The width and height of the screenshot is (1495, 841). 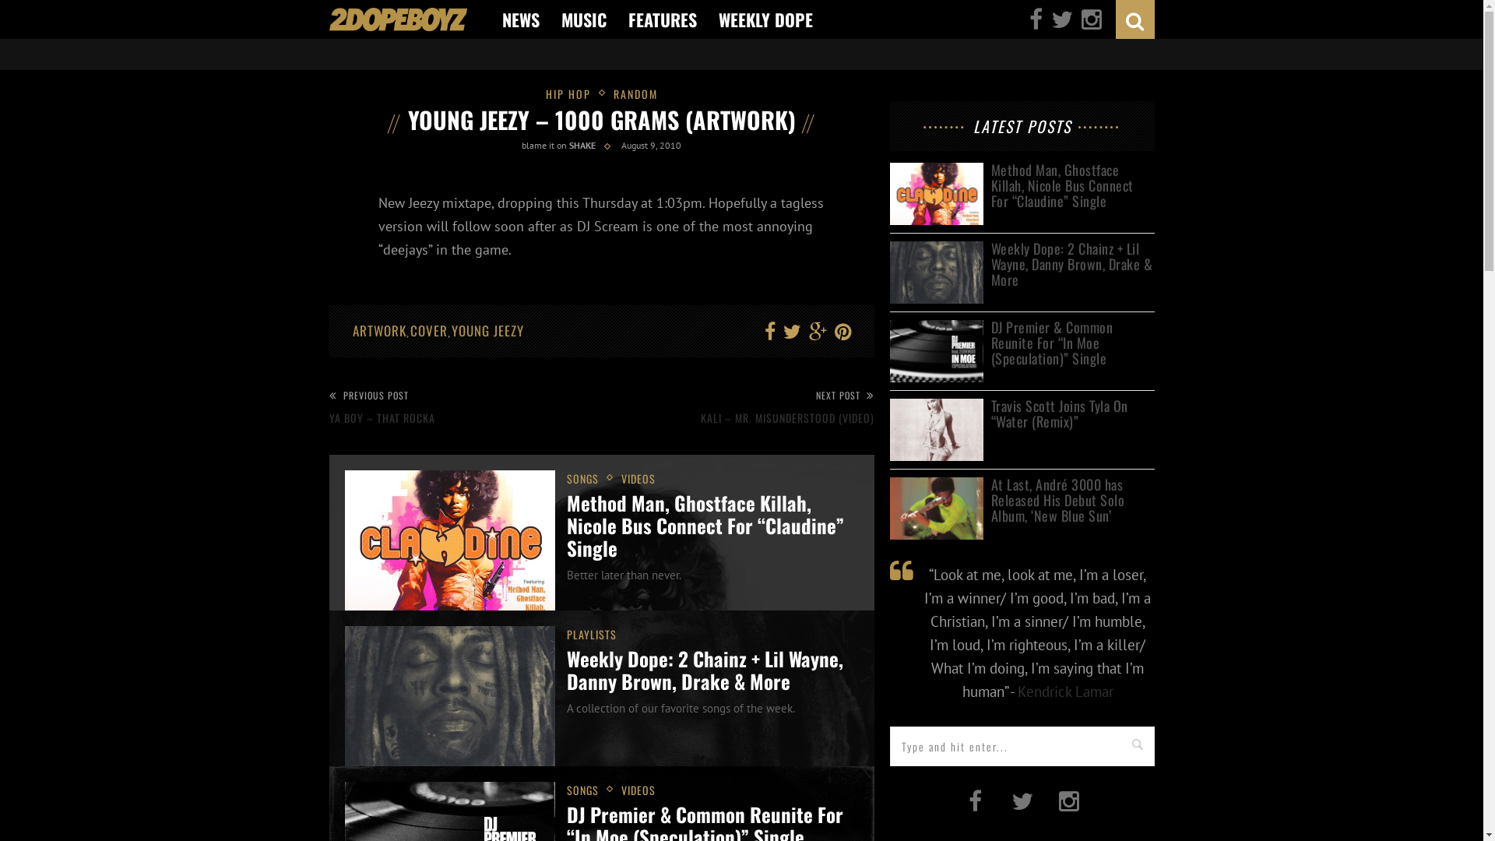 I want to click on 'Kendrick Lamar', so click(x=1064, y=690).